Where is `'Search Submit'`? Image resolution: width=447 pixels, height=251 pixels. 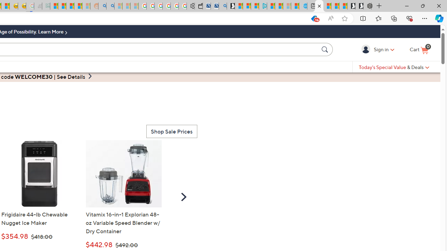
'Search Submit' is located at coordinates (325, 49).